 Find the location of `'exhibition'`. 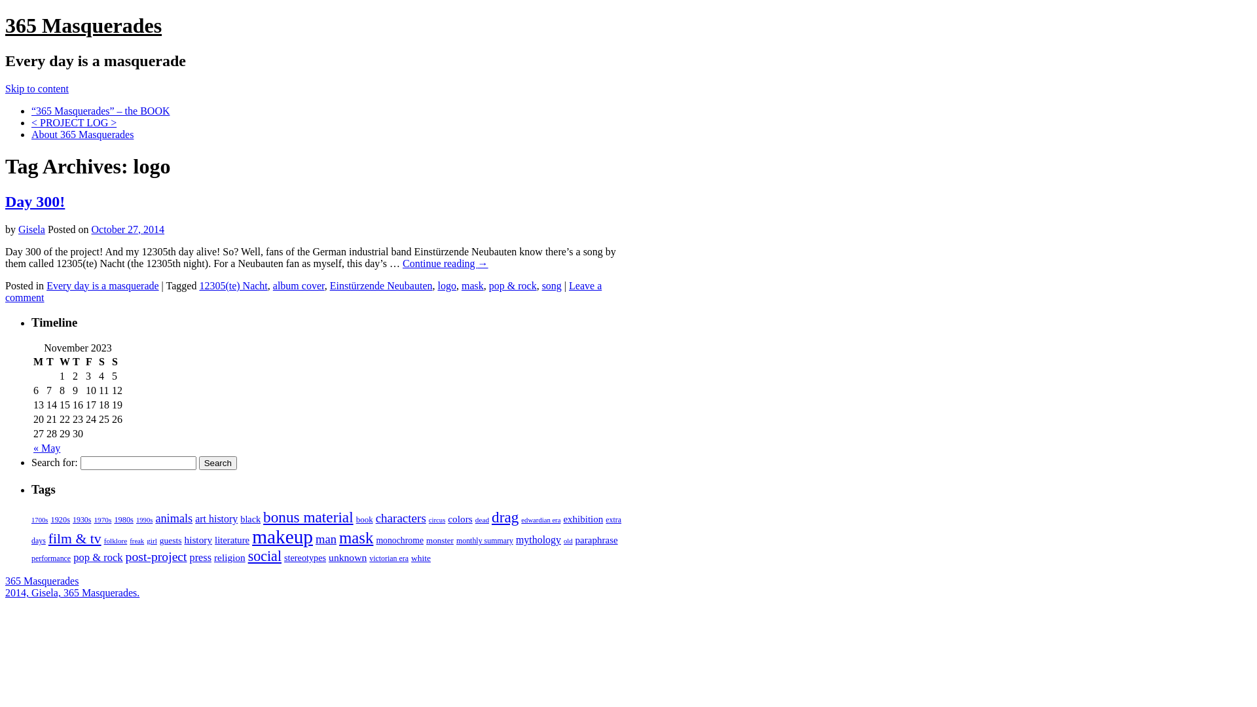

'exhibition' is located at coordinates (582, 518).